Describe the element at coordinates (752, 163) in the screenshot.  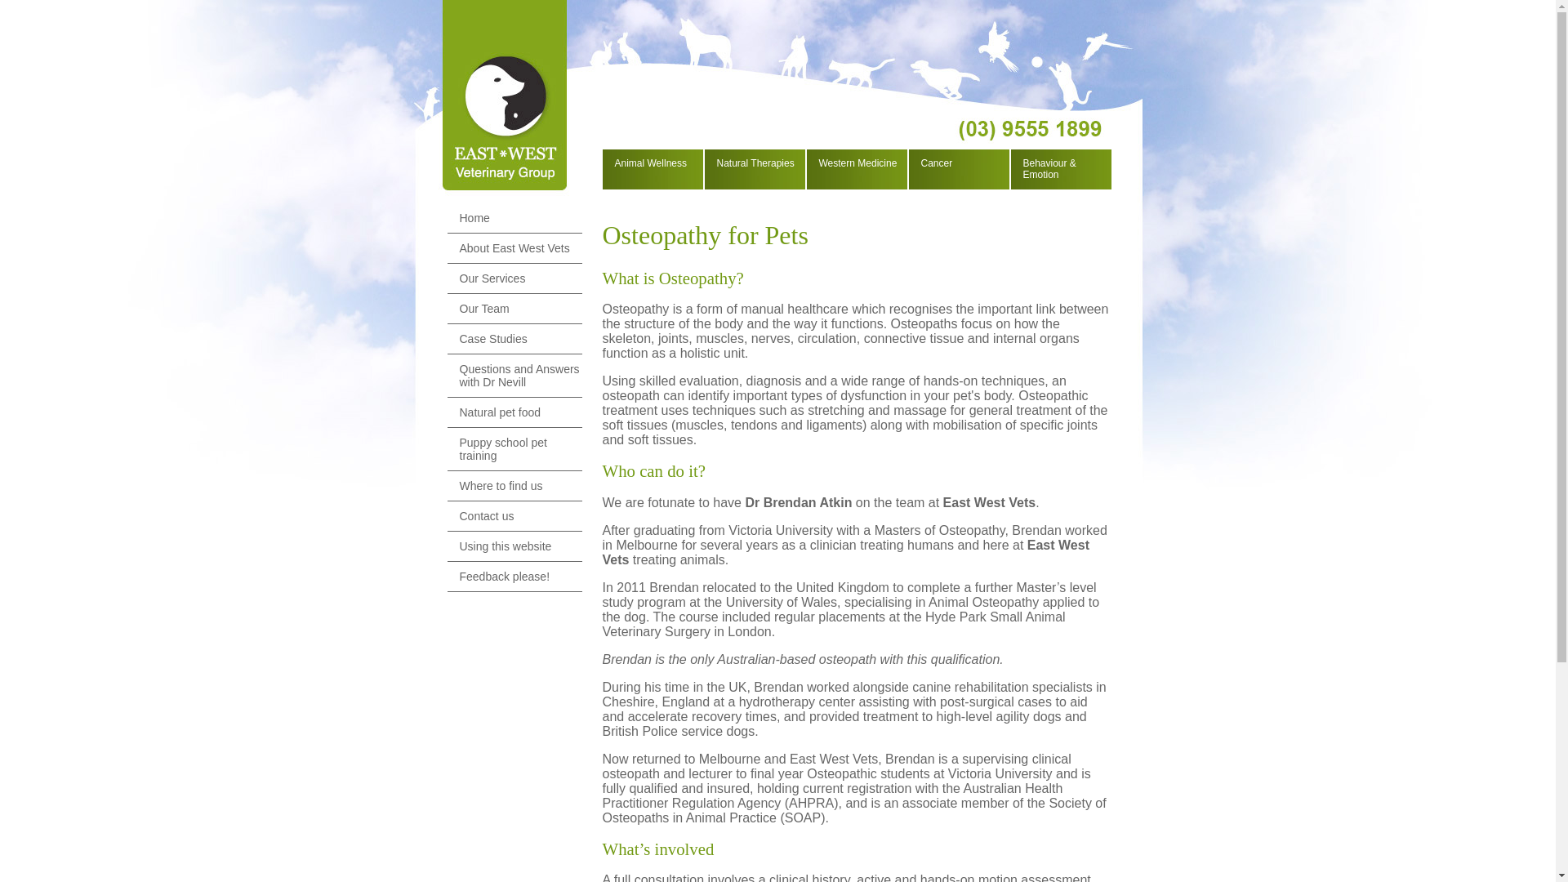
I see `'Natural Therapies'` at that location.